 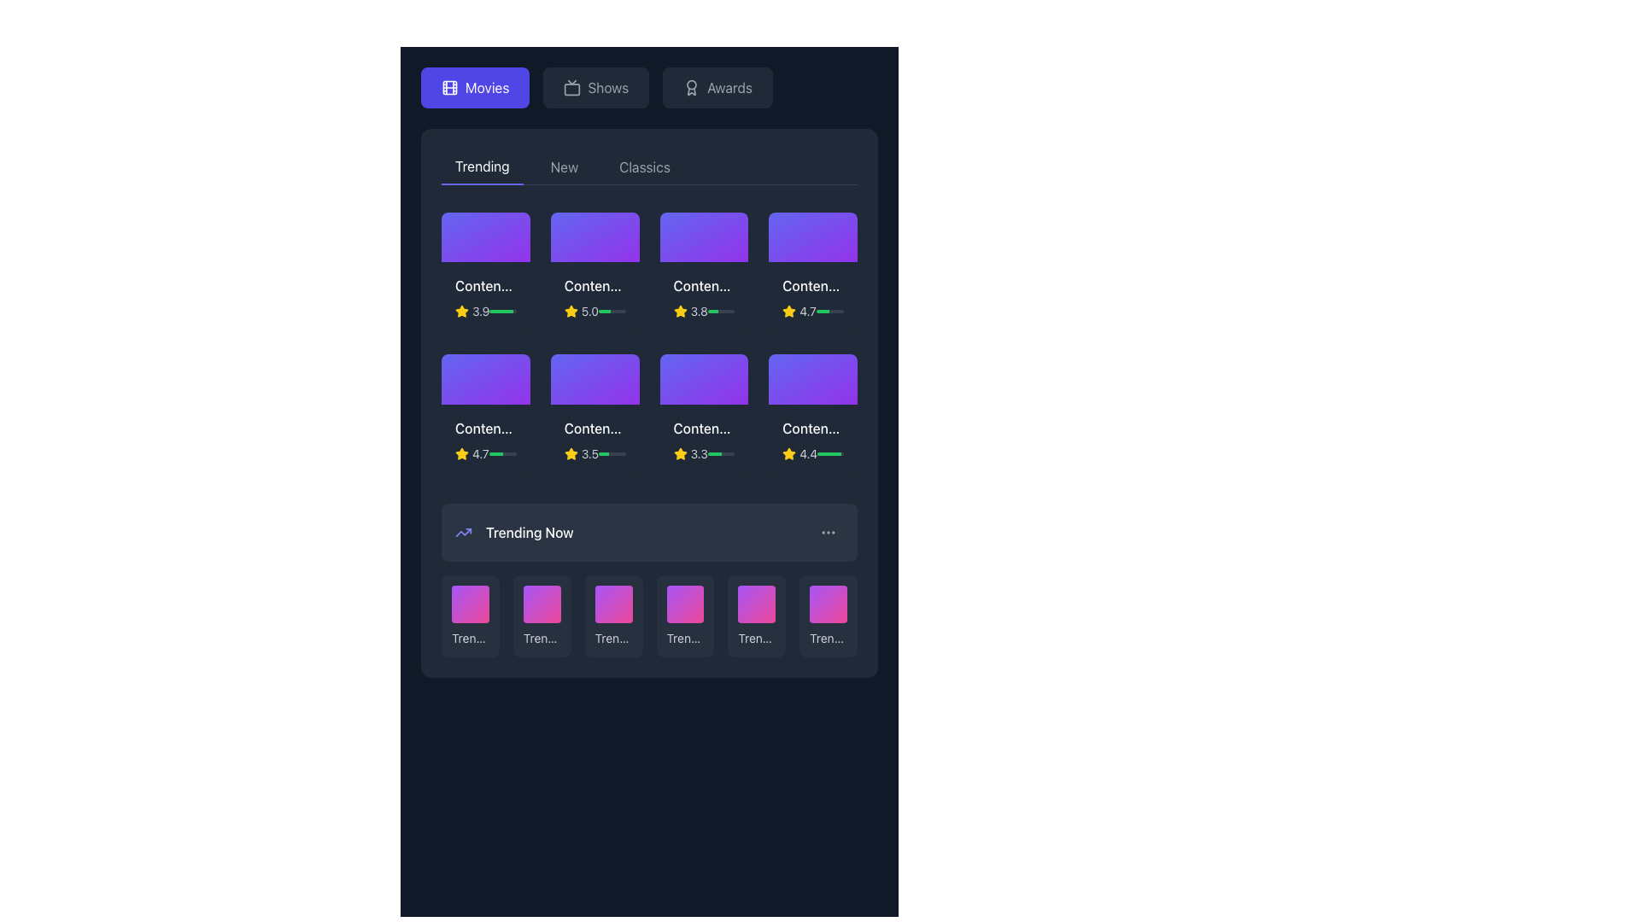 What do you see at coordinates (594, 312) in the screenshot?
I see `rating value displayed in the Rating component located in the upper row of the Trending section, second from the left below the title 'Content Title 2'` at bounding box center [594, 312].